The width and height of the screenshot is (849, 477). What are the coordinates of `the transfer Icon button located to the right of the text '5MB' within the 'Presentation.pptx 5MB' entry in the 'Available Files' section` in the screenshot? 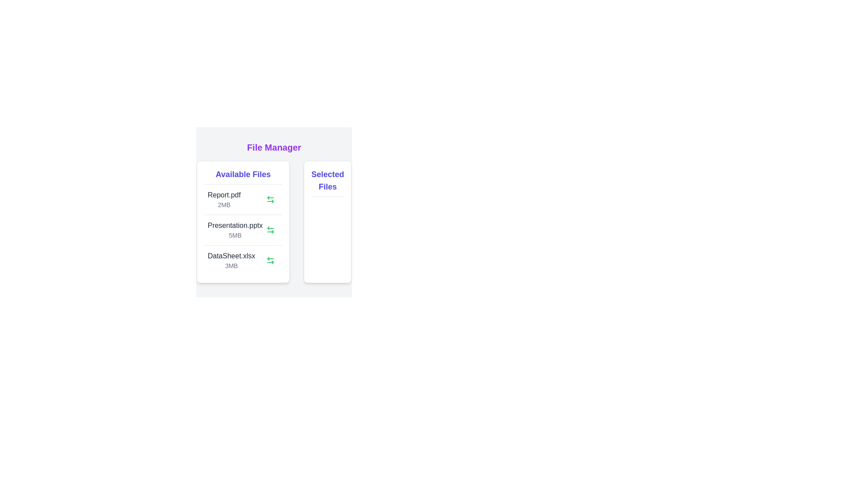 It's located at (270, 229).